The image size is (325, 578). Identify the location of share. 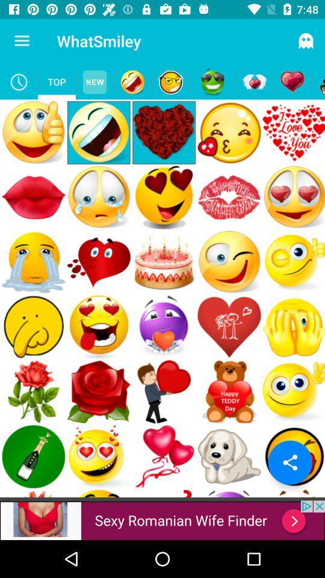
(289, 462).